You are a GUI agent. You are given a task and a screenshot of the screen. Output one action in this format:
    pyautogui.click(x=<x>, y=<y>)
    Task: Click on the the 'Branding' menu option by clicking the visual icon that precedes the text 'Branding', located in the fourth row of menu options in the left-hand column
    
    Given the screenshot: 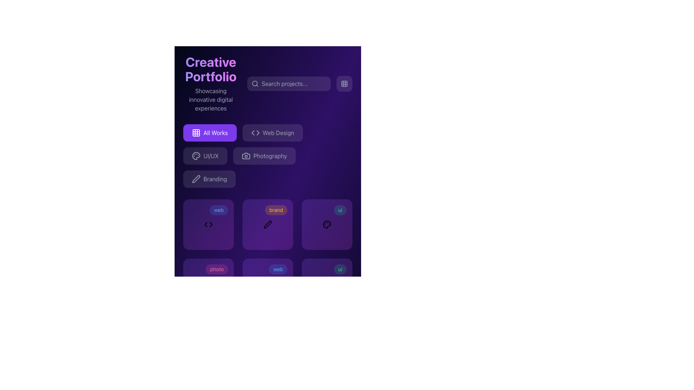 What is the action you would take?
    pyautogui.click(x=196, y=179)
    